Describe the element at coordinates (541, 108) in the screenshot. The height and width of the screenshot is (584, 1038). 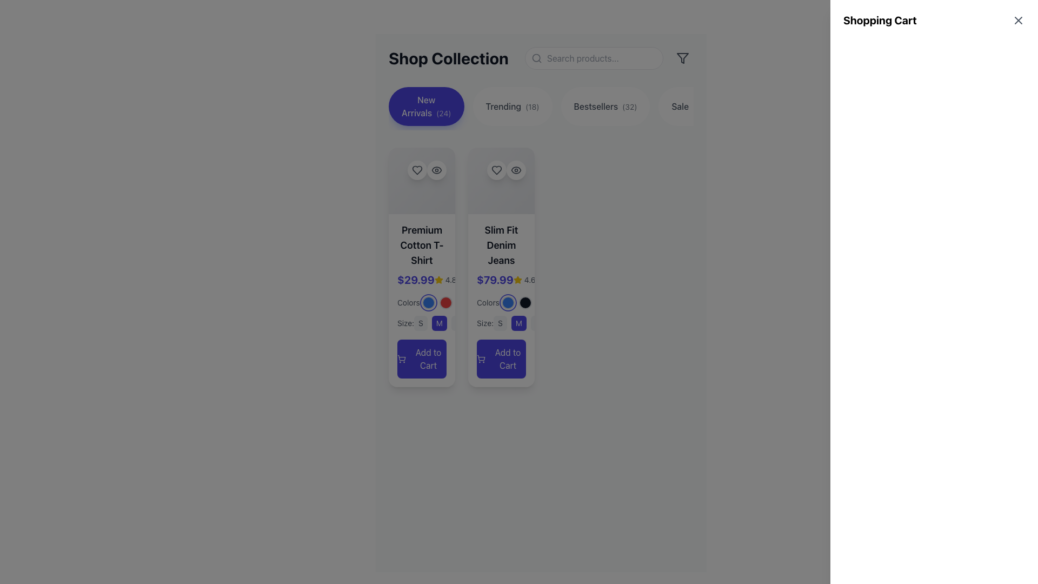
I see `the category button in the navigation bar located underneath the 'Shop Collection' title` at that location.